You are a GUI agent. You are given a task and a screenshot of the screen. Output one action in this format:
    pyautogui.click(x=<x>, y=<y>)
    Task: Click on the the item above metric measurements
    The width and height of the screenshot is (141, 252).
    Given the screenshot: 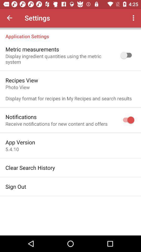 What is the action you would take?
    pyautogui.click(x=70, y=33)
    